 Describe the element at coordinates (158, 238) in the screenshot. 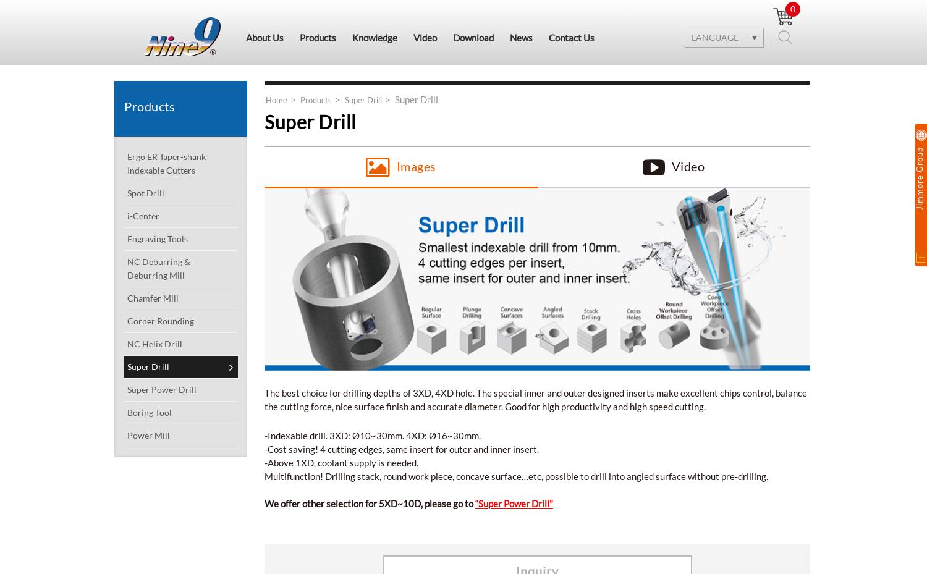

I see `'Engraving Tools'` at that location.